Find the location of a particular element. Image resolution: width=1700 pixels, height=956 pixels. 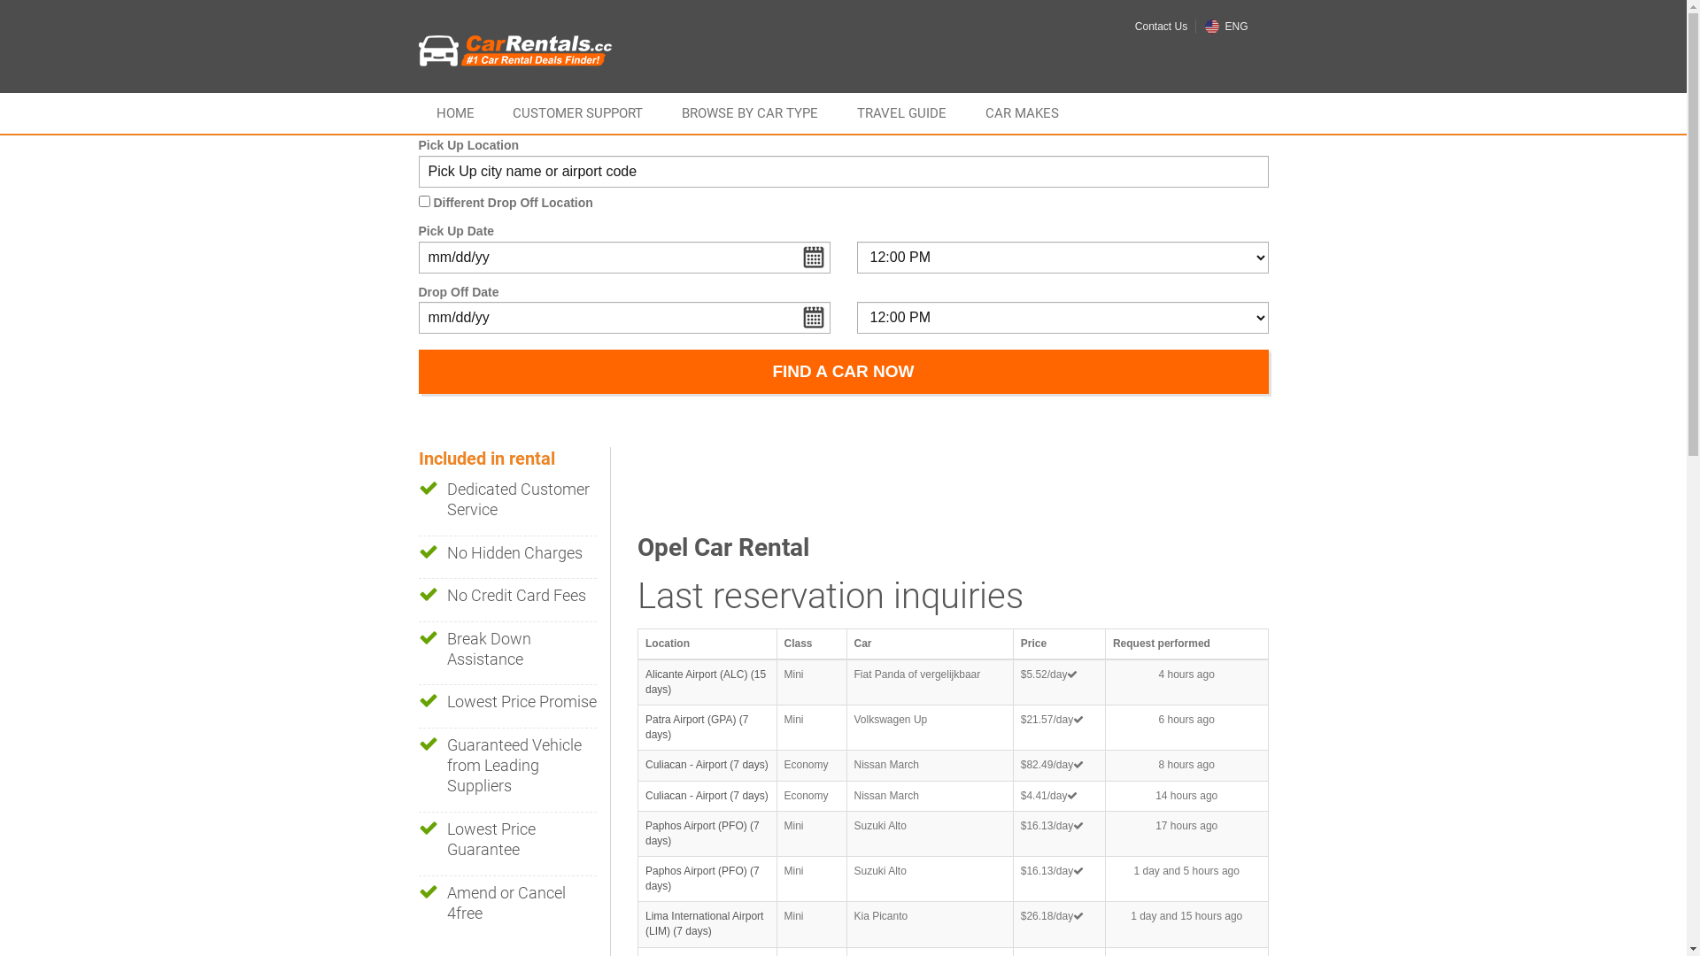

'en' is located at coordinates (1204, 27).